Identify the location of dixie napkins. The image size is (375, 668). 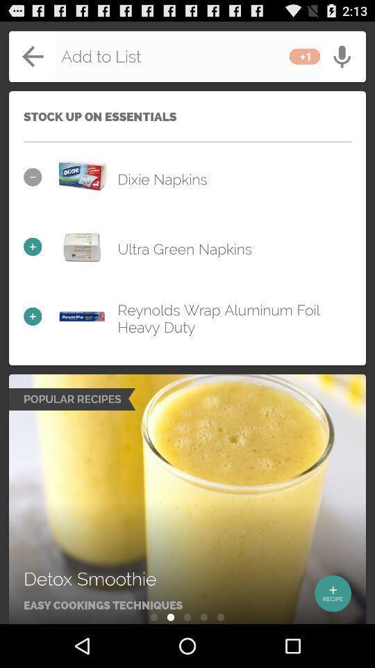
(82, 176).